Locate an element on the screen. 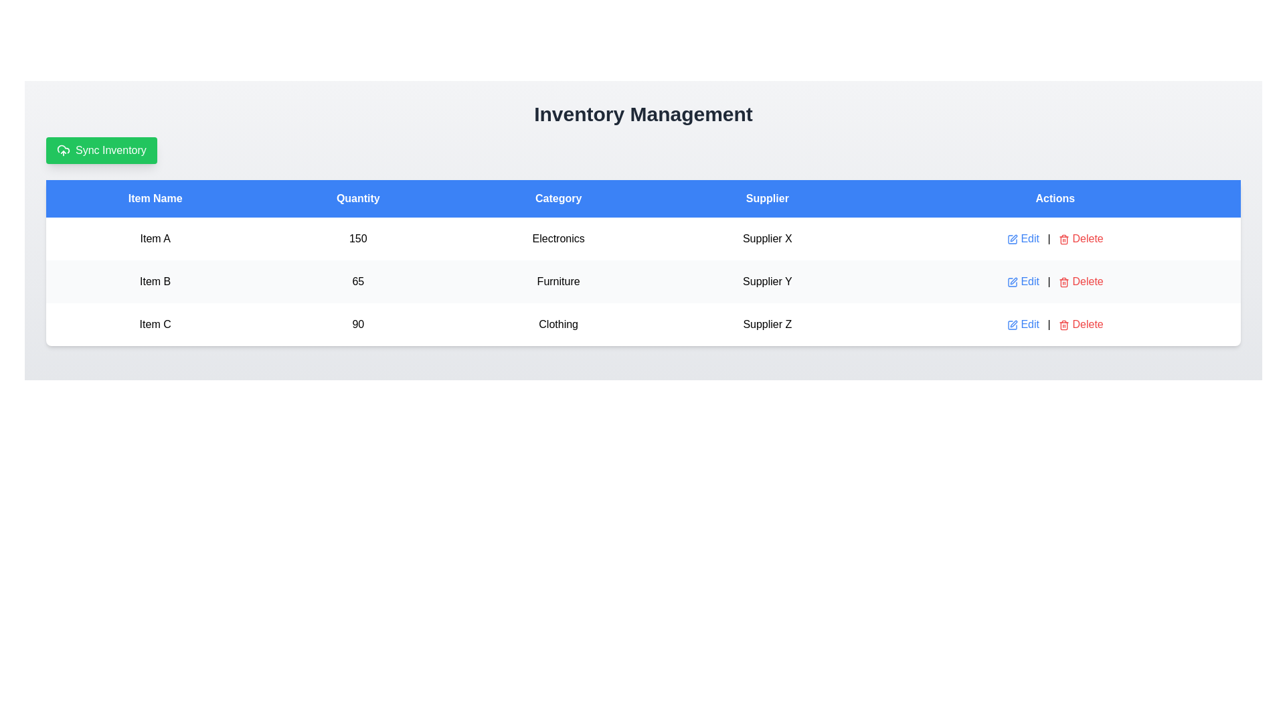 The image size is (1285, 723). the hyperlink for 'Item C' in the 'Actions' column of the table is located at coordinates (1022, 325).